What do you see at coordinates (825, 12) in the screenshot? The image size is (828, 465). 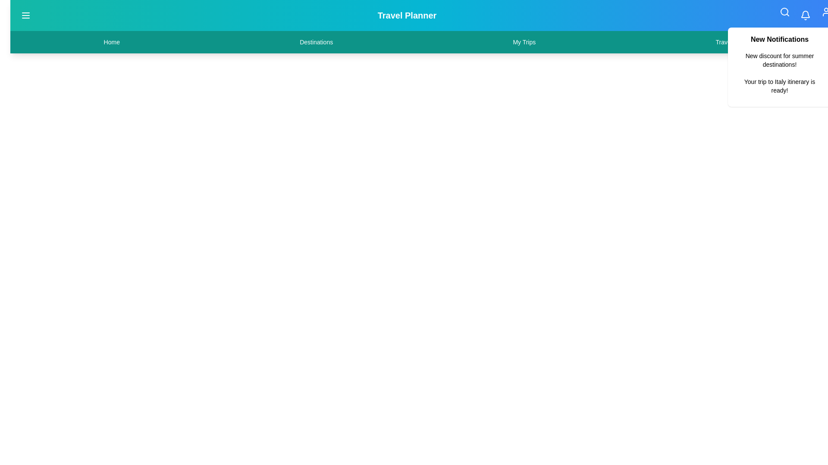 I see `the user profile icon` at bounding box center [825, 12].